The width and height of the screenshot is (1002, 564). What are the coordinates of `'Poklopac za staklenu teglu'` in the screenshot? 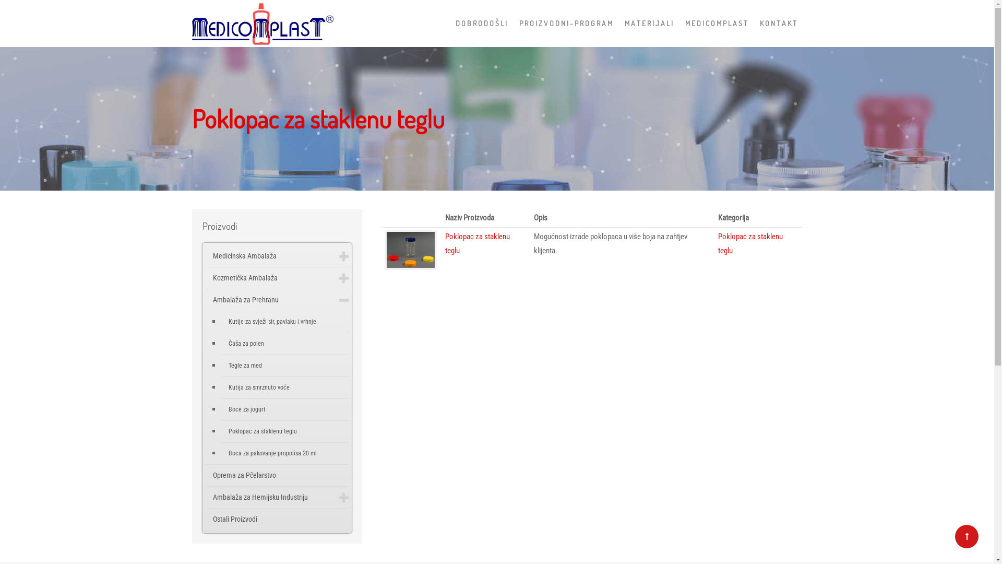 It's located at (477, 243).